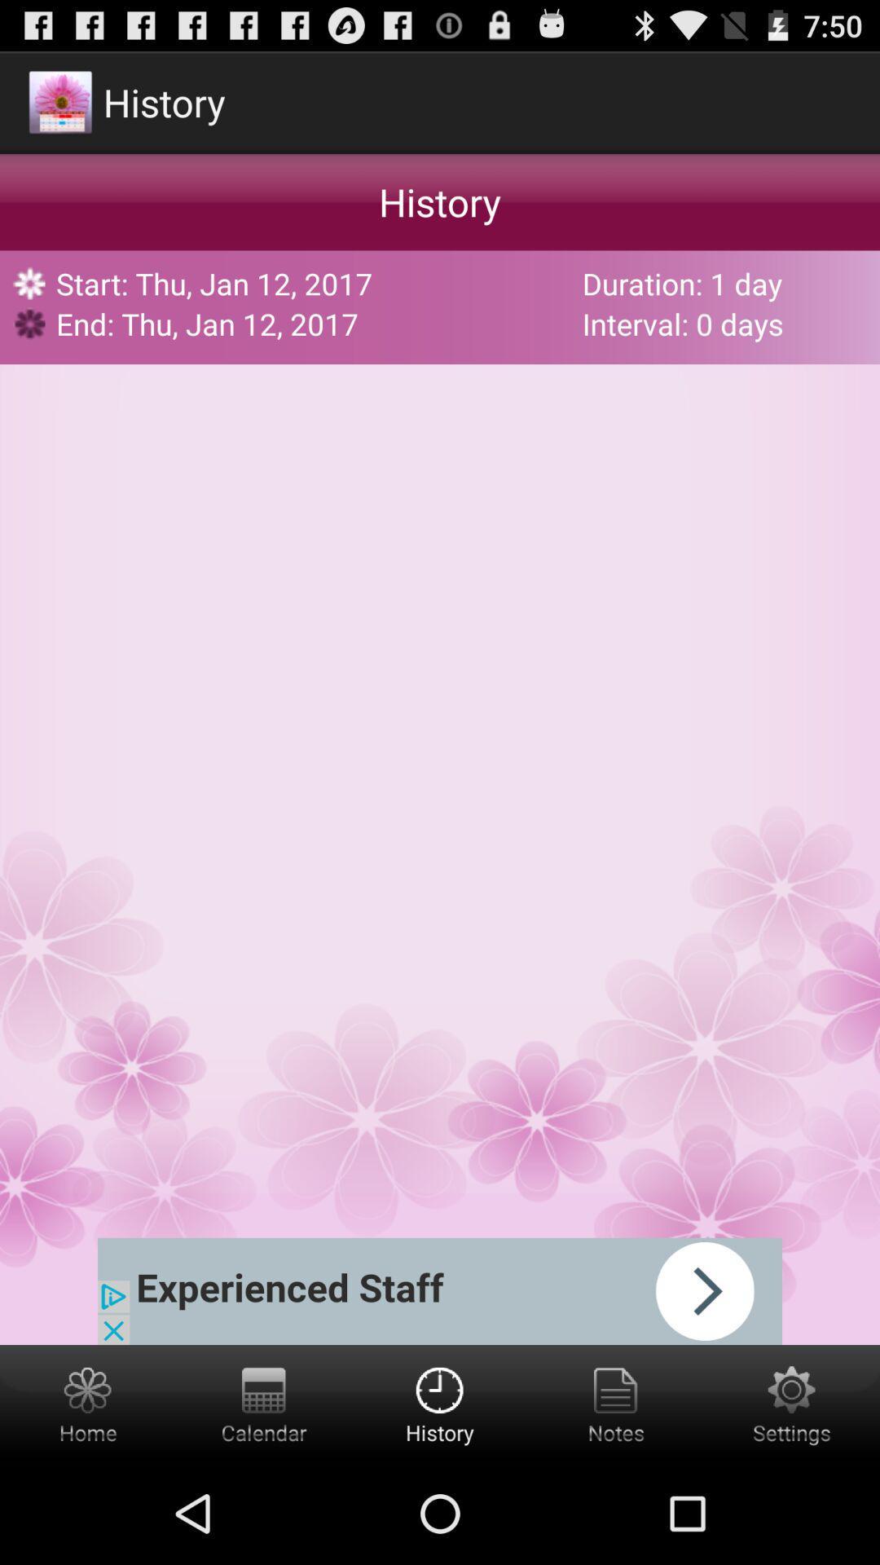 The image size is (880, 1565). Describe the element at coordinates (440, 1403) in the screenshot. I see `history display` at that location.